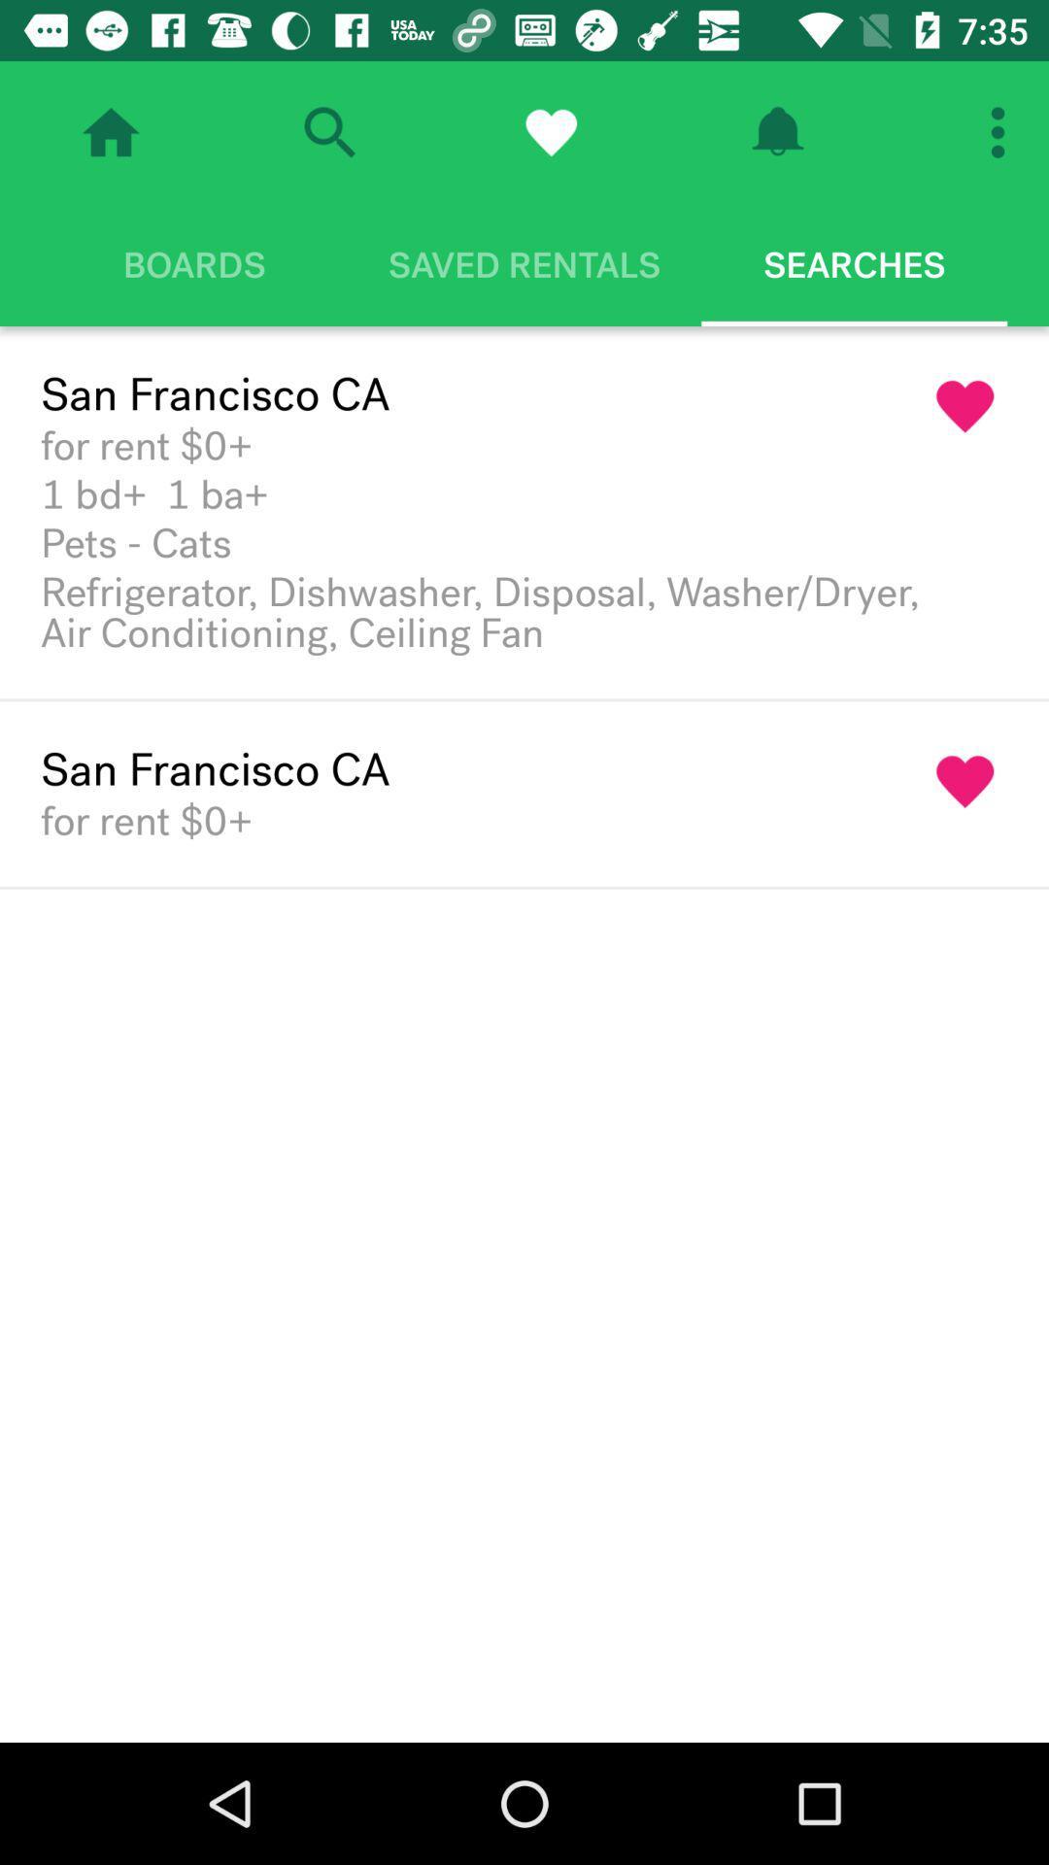 The height and width of the screenshot is (1865, 1049). I want to click on toggles notifications, so click(776, 131).